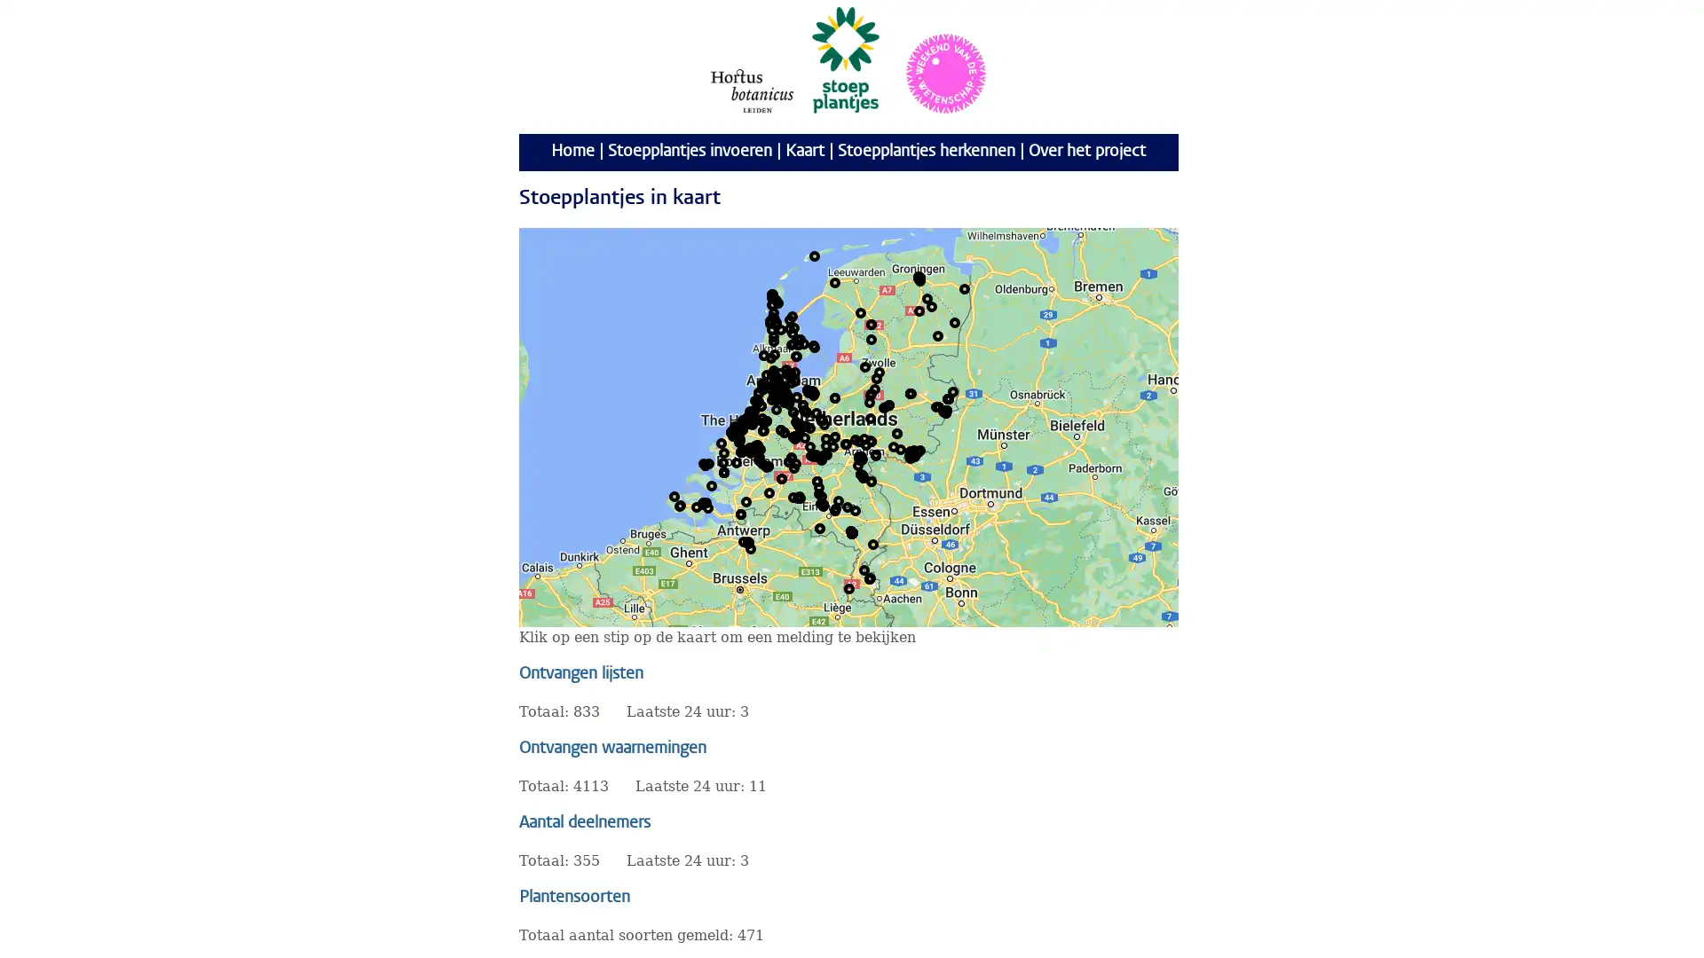  I want to click on Telling van Marieta op 26 april 2022, so click(943, 410).